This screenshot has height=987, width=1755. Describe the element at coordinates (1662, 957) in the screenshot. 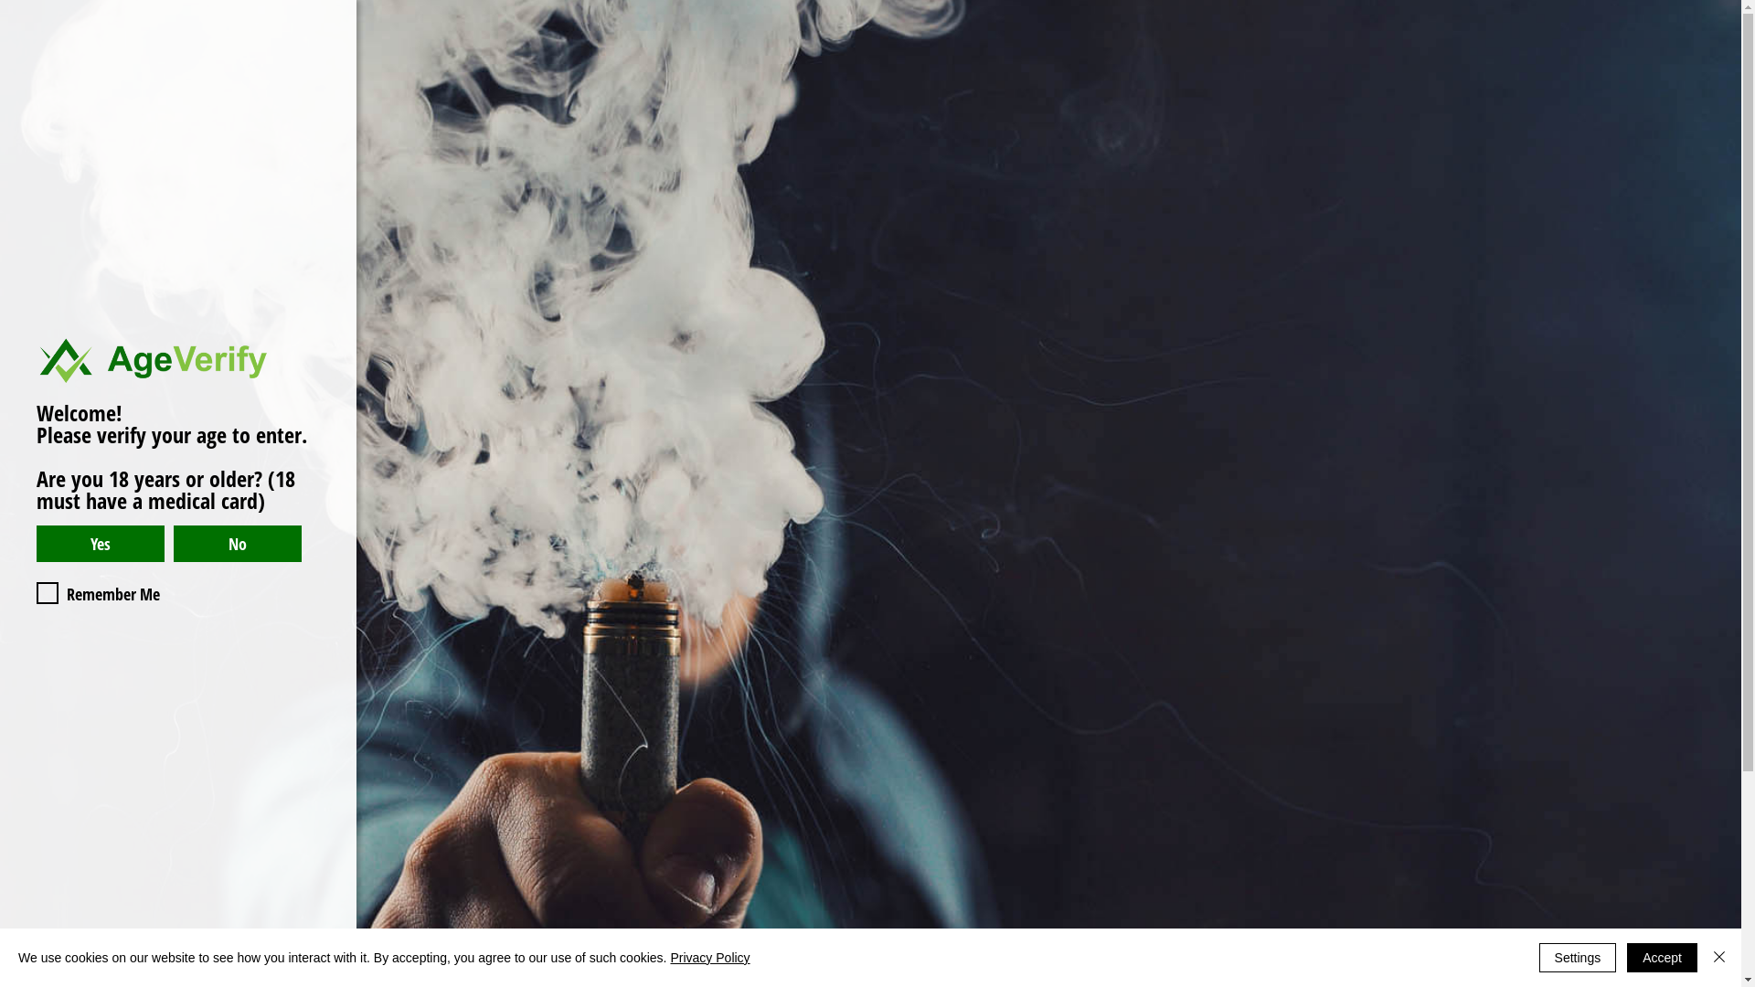

I see `'Accept'` at that location.